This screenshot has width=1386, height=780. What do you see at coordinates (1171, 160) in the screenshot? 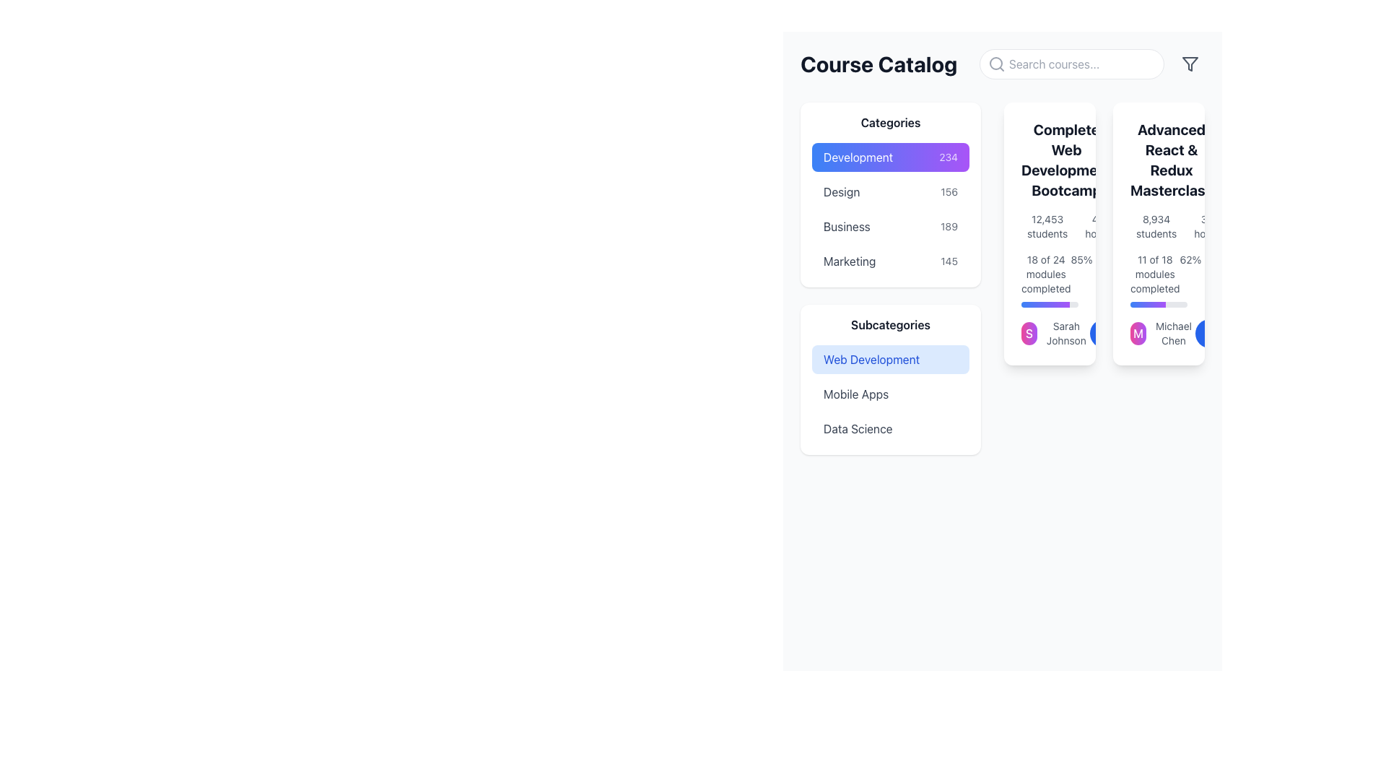
I see `the text label displaying 'Advanced React & Redux Masterclass' from its current position` at bounding box center [1171, 160].